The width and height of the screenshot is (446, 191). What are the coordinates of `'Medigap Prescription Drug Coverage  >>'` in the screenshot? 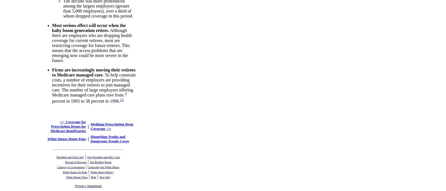 It's located at (111, 126).